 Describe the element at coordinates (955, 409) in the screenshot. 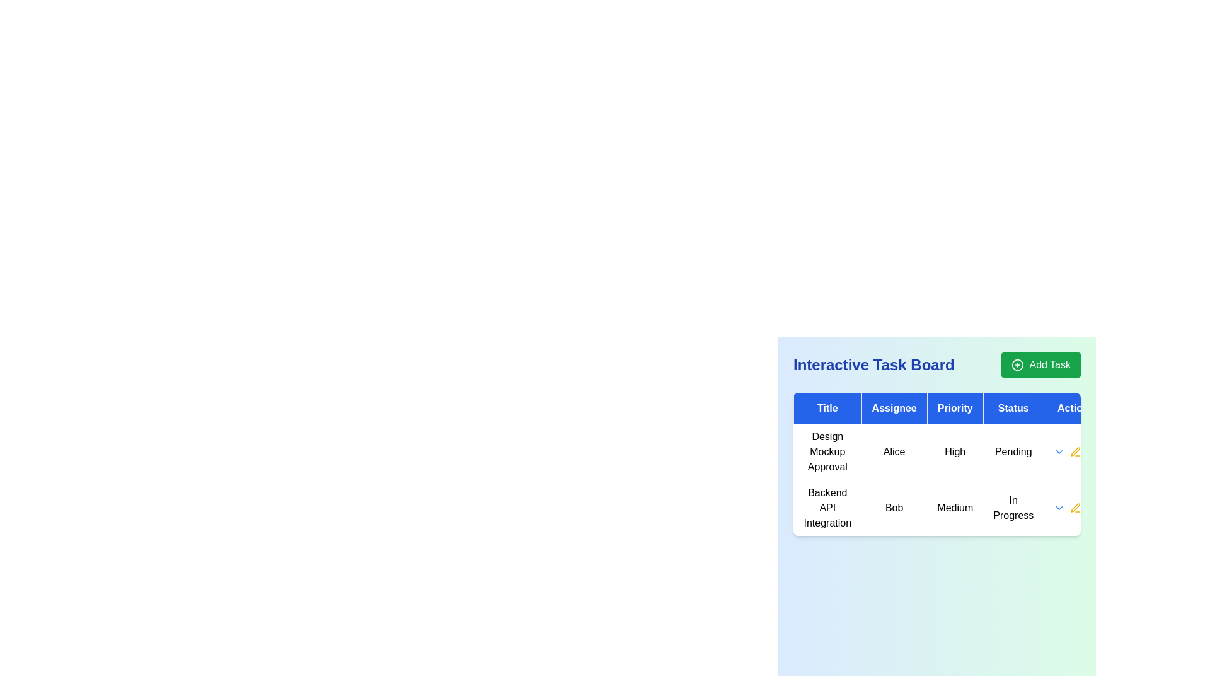

I see `the Table Header labeled 'Priority', which is the third column in a five-column table, positioned between 'Assignee' and 'Status'` at that location.